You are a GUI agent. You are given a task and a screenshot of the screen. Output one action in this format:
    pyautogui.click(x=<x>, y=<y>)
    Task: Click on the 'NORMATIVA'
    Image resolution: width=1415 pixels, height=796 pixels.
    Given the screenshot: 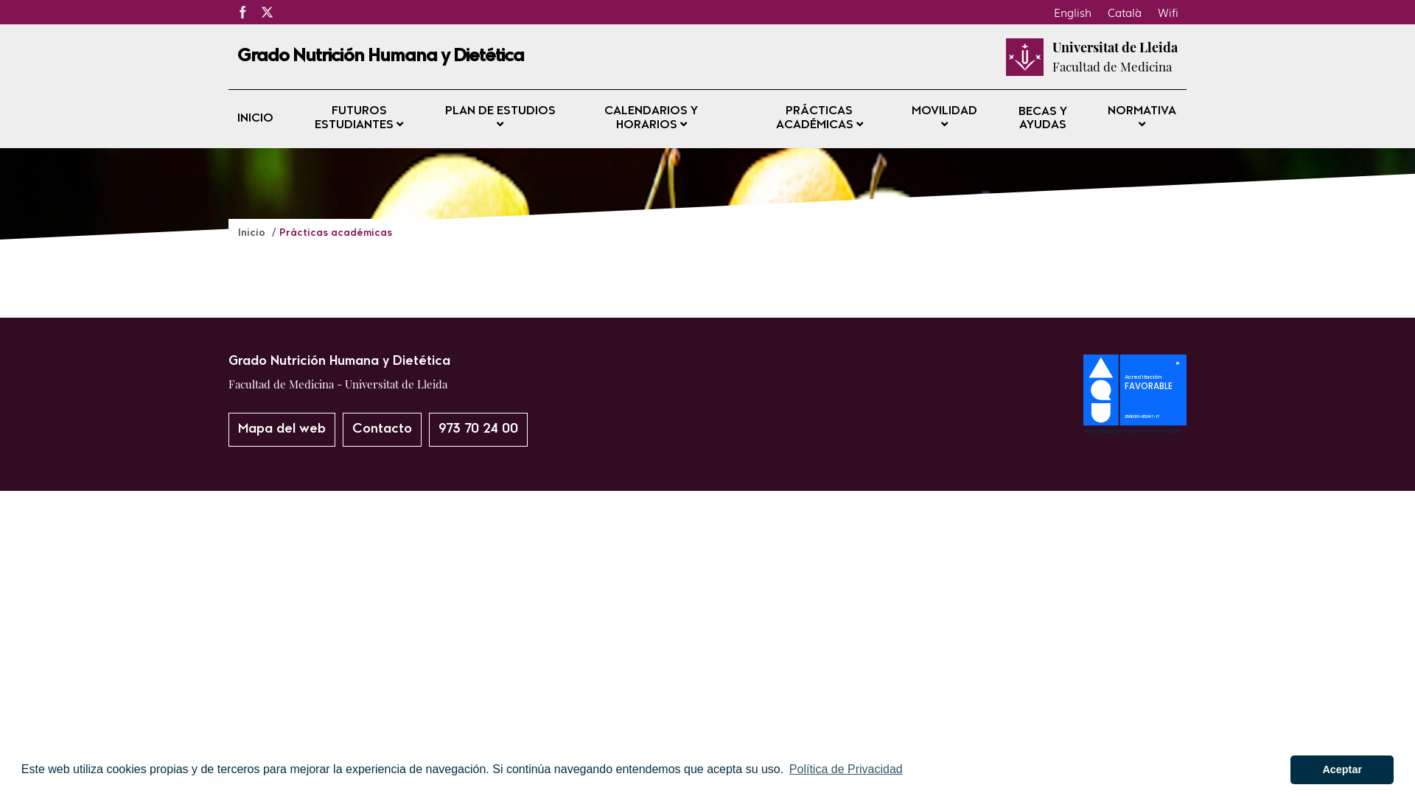 What is the action you would take?
    pyautogui.click(x=1097, y=118)
    